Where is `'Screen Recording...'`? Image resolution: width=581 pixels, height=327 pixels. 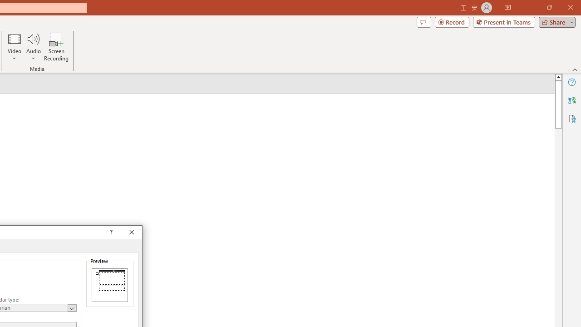
'Screen Recording...' is located at coordinates (56, 47).